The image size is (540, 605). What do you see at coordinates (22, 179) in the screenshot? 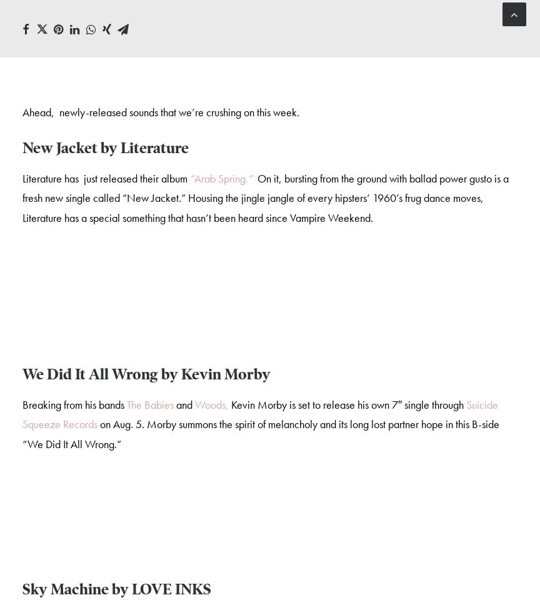
I see `'Literature has  just released their album'` at bounding box center [22, 179].